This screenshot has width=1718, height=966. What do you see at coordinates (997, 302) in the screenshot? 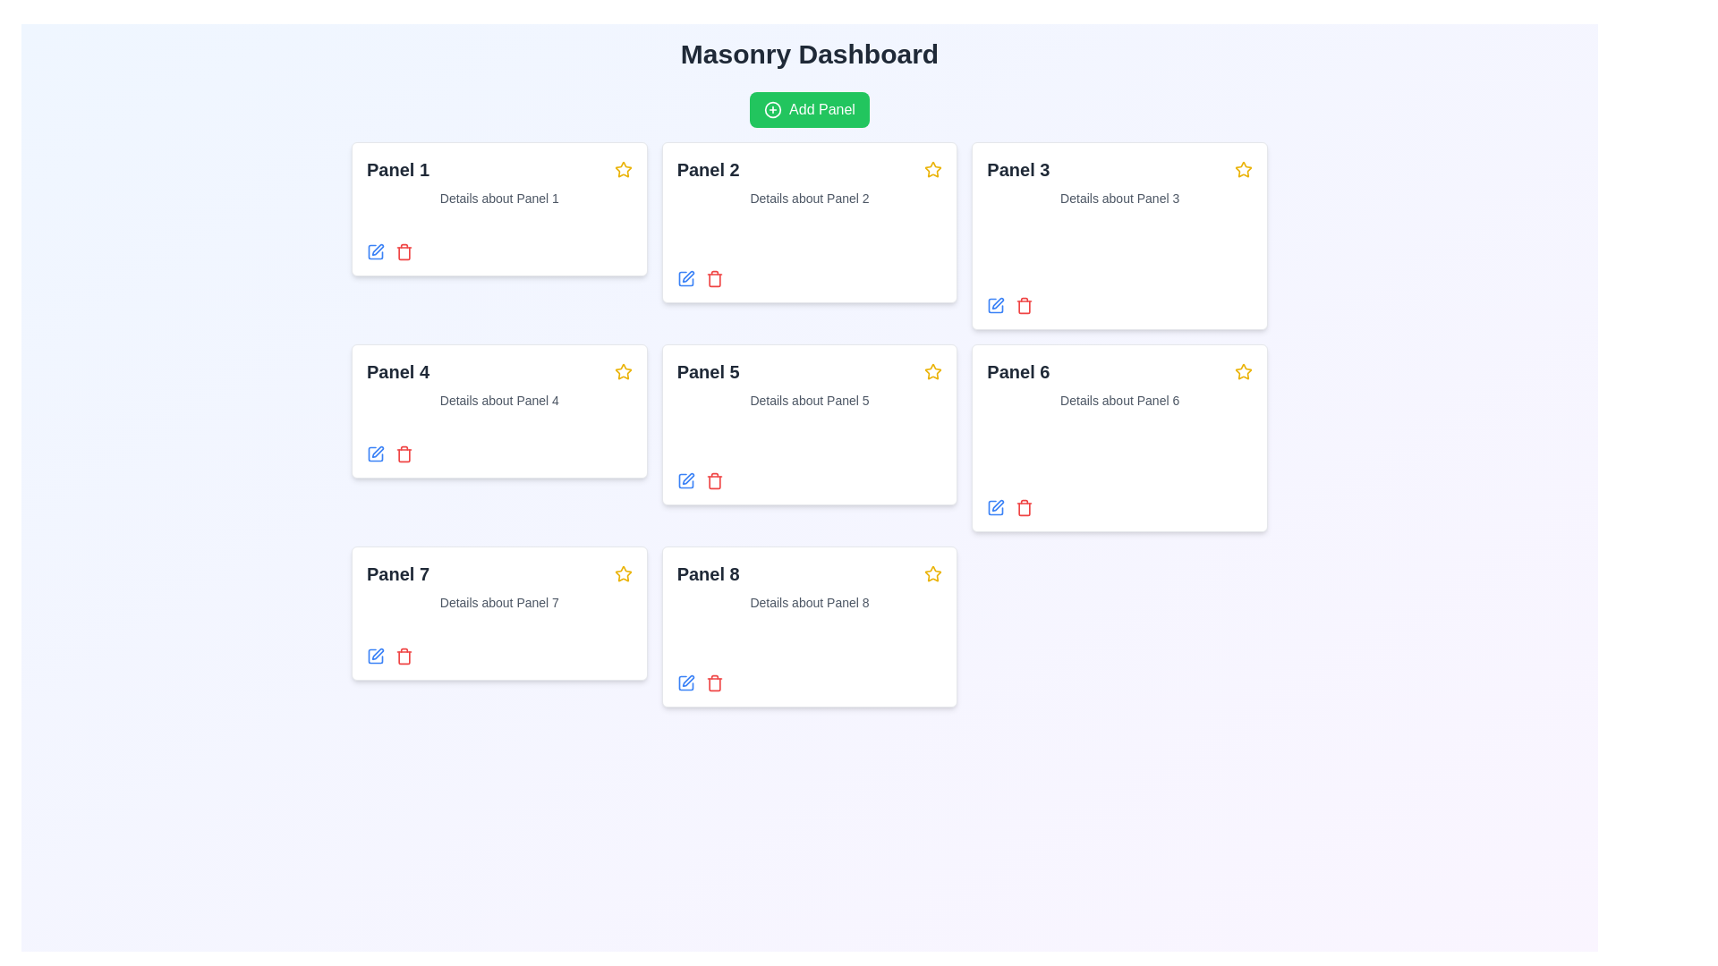
I see `the pen-shaped icon representing an edit action` at bounding box center [997, 302].